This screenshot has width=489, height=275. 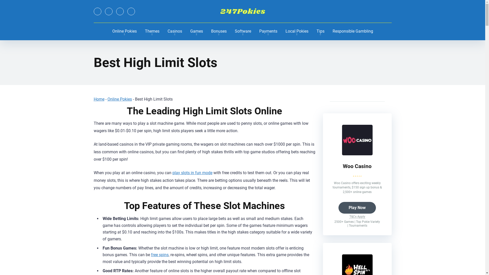 I want to click on 'Instagram', so click(x=119, y=11).